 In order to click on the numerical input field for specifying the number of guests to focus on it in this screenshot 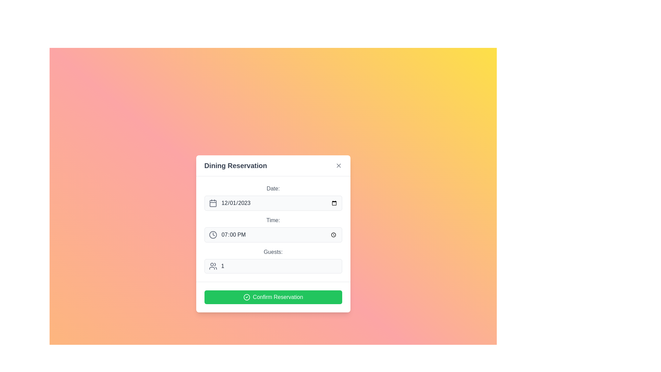, I will do `click(273, 260)`.